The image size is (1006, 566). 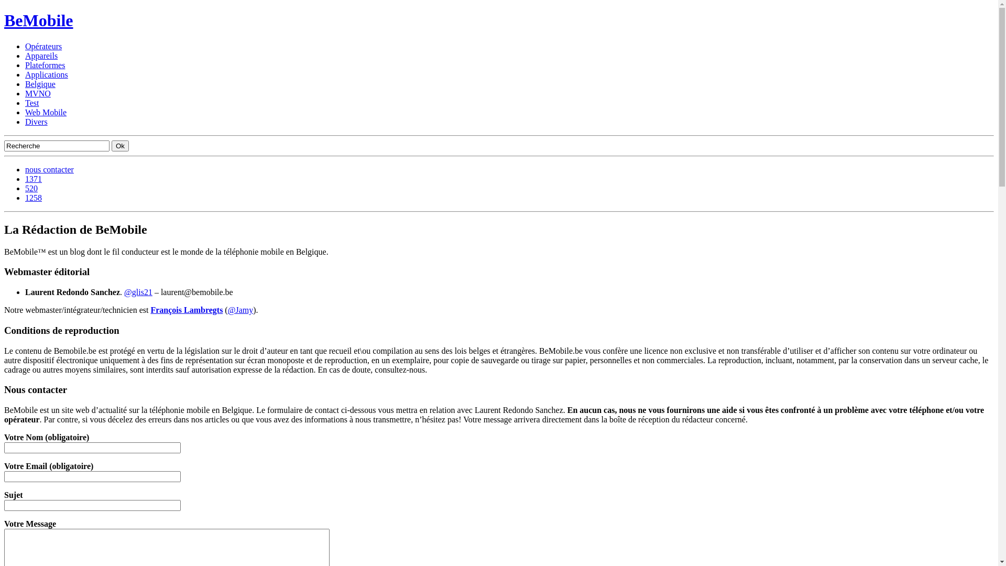 I want to click on '1371', so click(x=33, y=178).